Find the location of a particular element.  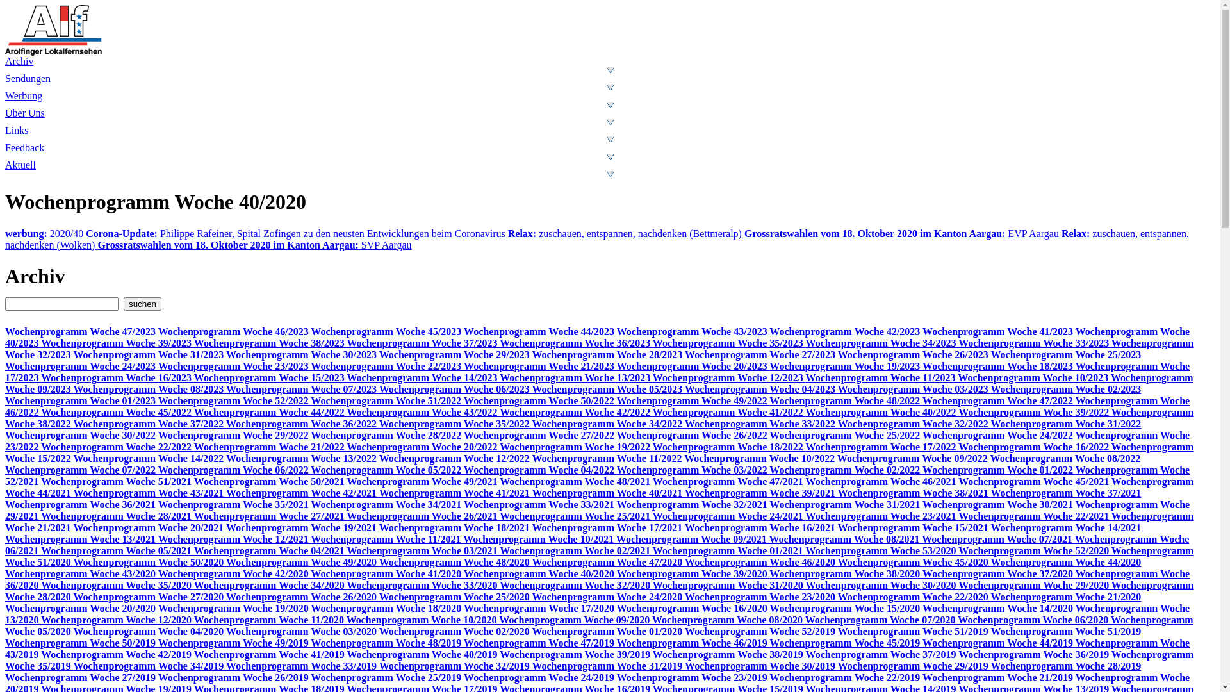

'Wochenprogramm Woche 37/2022' is located at coordinates (72, 424).